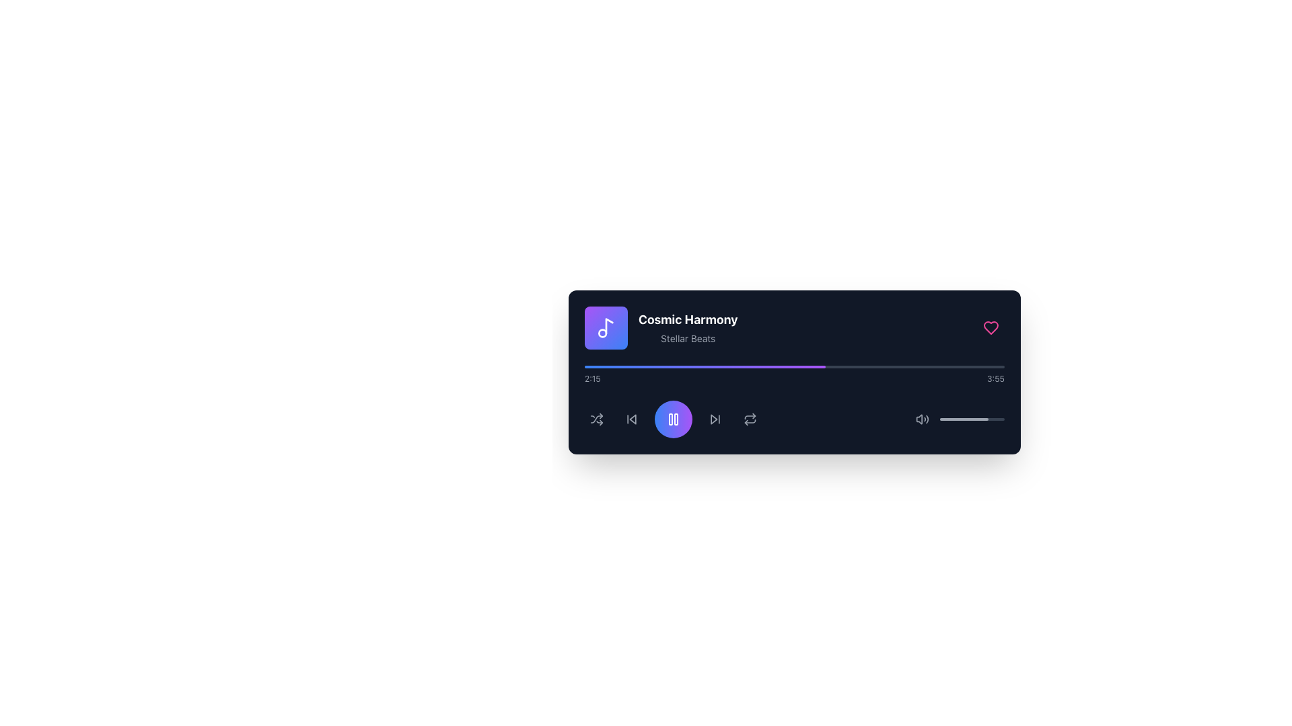 This screenshot has width=1292, height=726. What do you see at coordinates (674, 419) in the screenshot?
I see `the circular pause button located in the control bar of the audio player` at bounding box center [674, 419].